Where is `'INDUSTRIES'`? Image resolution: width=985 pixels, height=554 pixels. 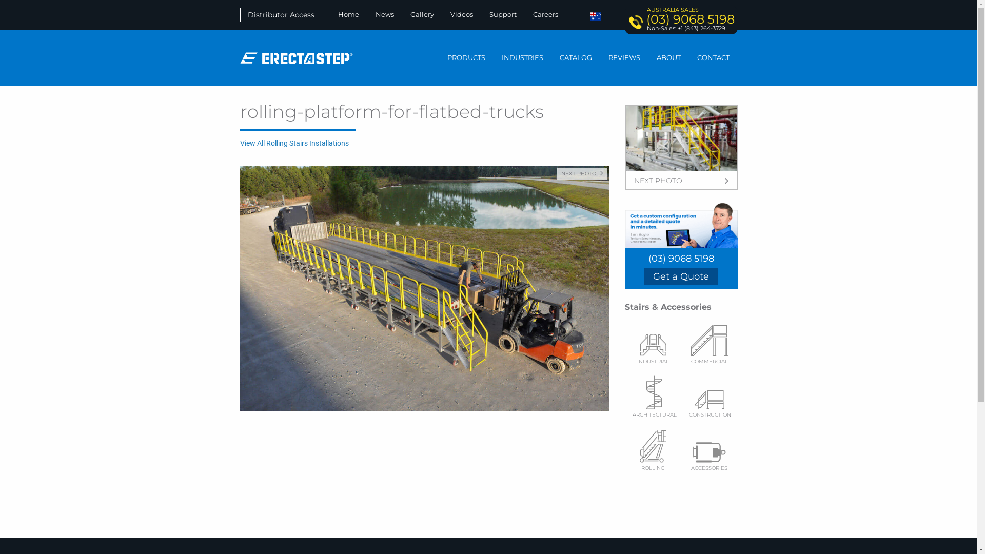
'INDUSTRIES' is located at coordinates (522, 57).